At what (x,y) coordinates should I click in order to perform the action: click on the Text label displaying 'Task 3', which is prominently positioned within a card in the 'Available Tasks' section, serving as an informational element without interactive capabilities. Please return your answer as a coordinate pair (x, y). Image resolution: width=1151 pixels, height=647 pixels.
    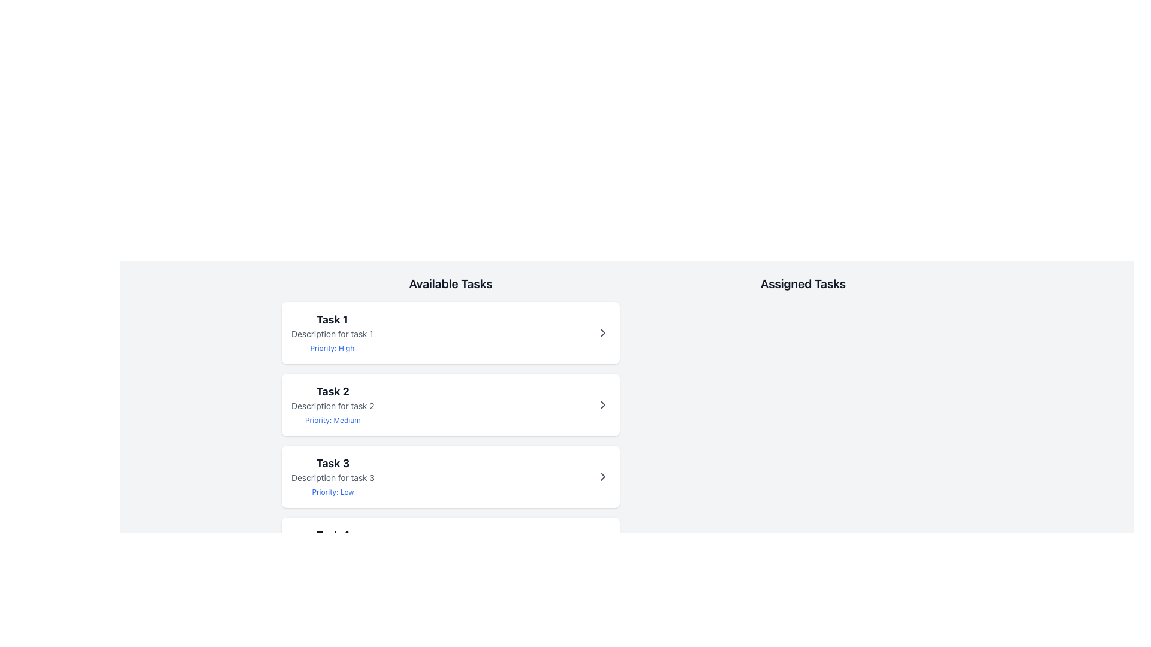
    Looking at the image, I should click on (333, 463).